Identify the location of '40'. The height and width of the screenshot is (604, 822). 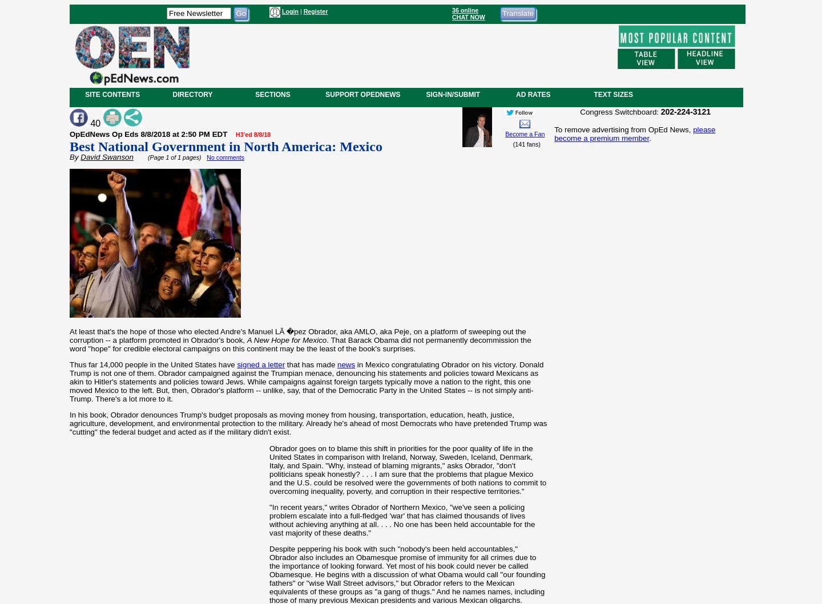
(95, 123).